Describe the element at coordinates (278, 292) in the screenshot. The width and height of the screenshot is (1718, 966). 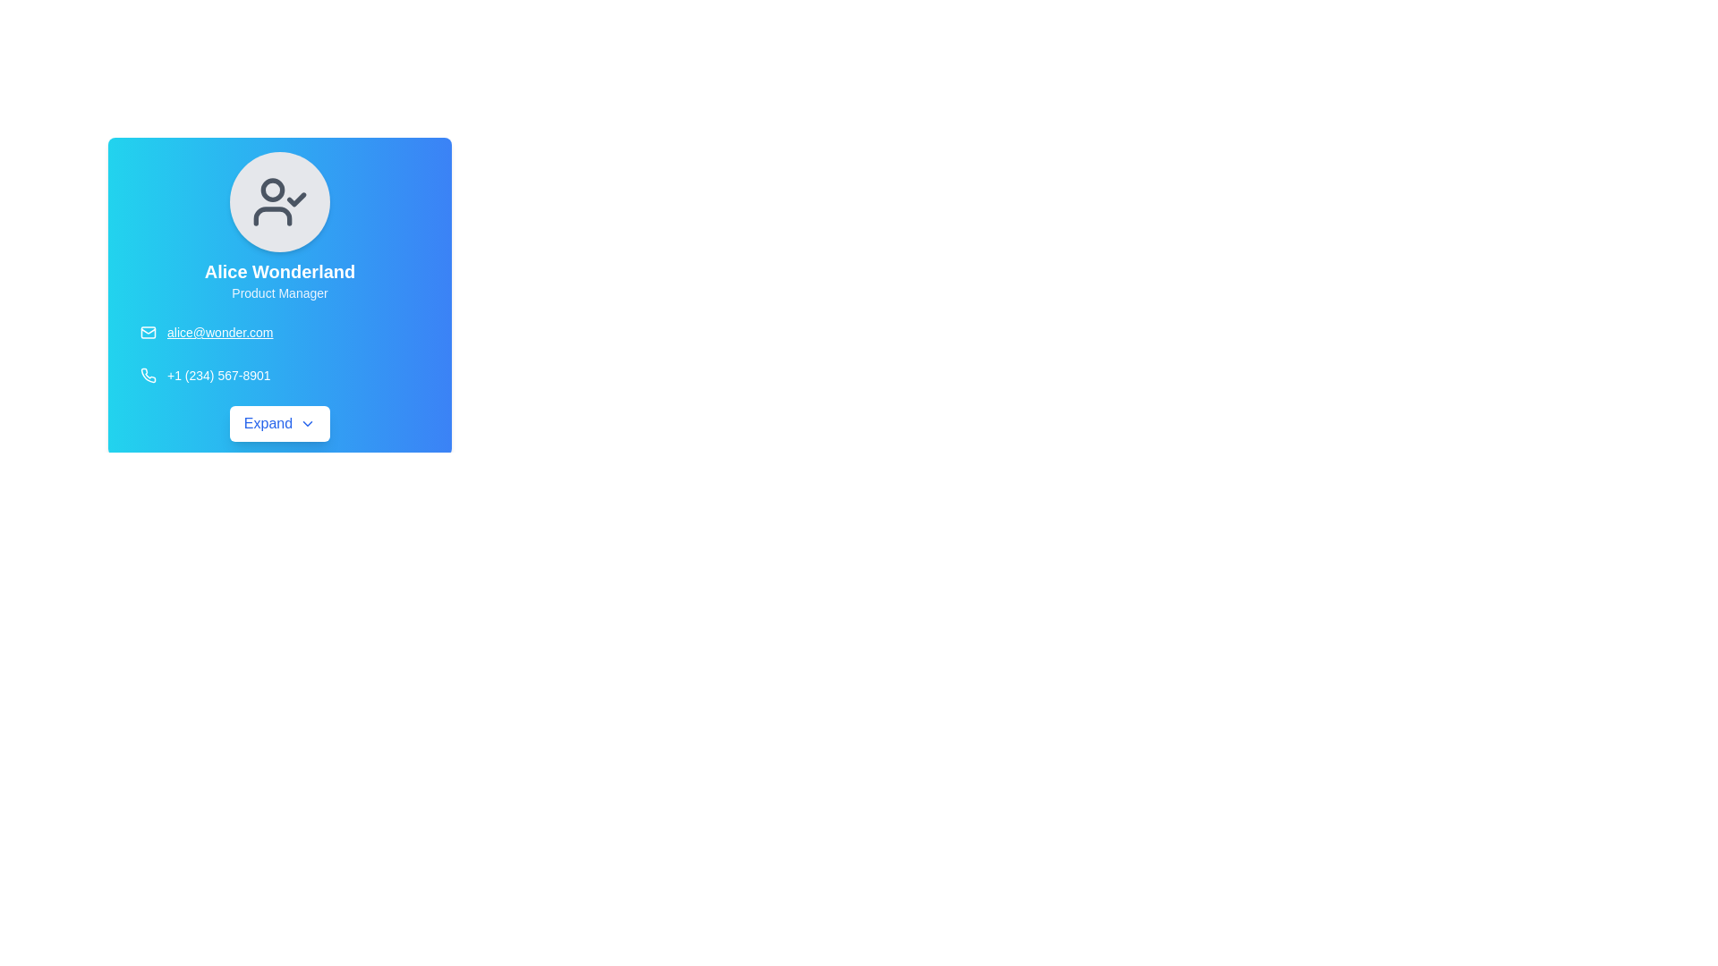
I see `the text label element displaying 'Product Manager'` at that location.